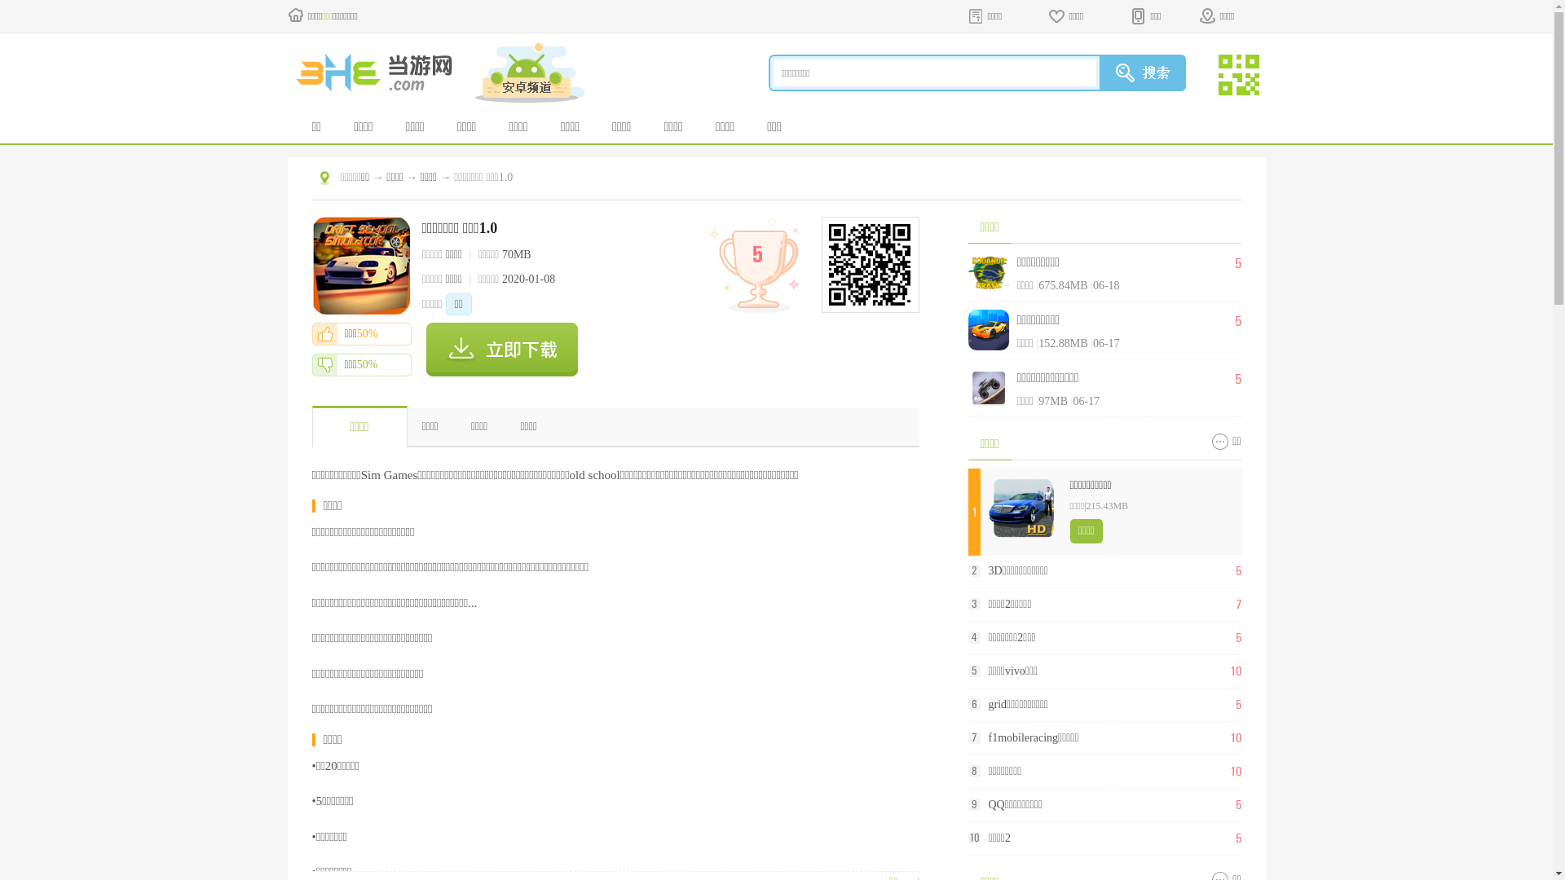 This screenshot has width=1565, height=880. I want to click on 'http://m.3h3.com/az/163169.html', so click(867, 263).